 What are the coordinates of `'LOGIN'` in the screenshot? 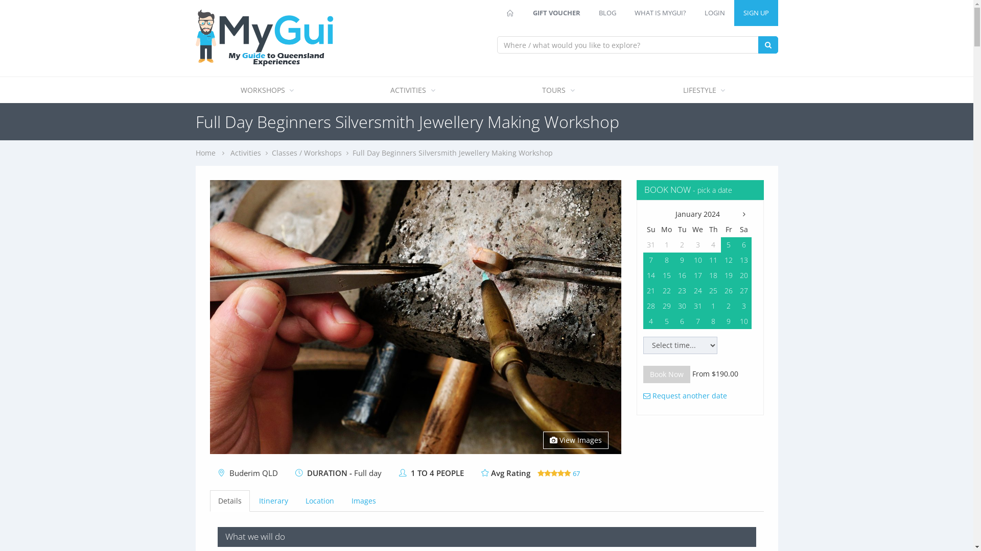 It's located at (713, 13).